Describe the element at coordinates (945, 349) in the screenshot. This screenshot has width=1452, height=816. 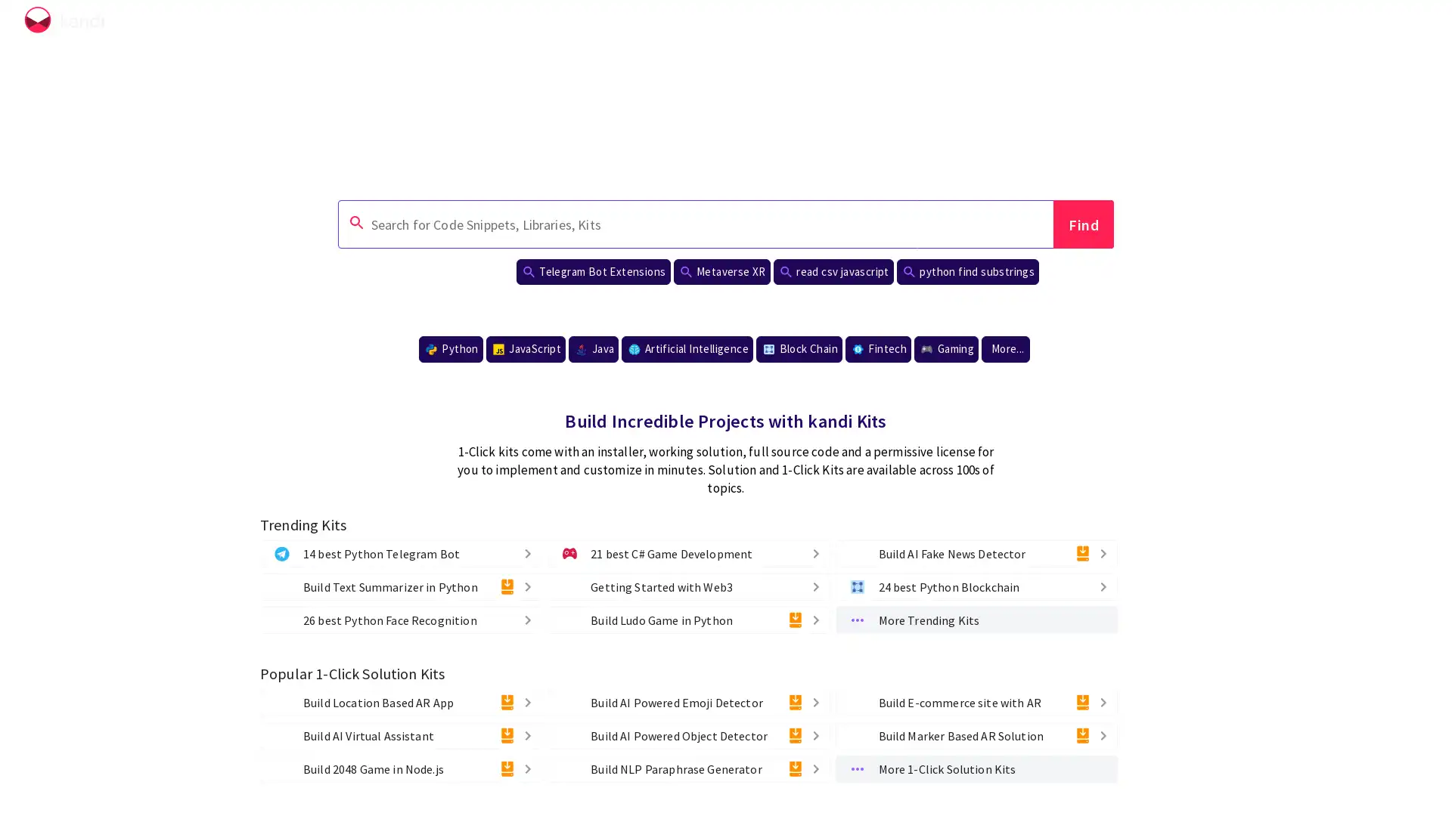
I see `search icon Gaming` at that location.